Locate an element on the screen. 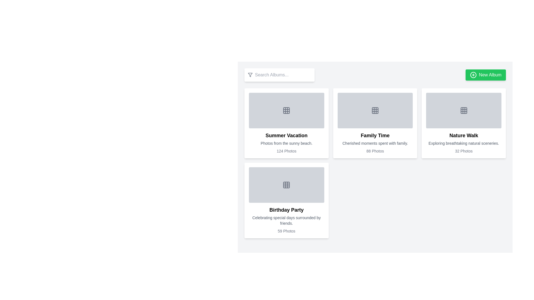 This screenshot has height=300, width=534. the circular add icon with a plus symbol, located to the left of the 'New Album' button is located at coordinates (473, 75).